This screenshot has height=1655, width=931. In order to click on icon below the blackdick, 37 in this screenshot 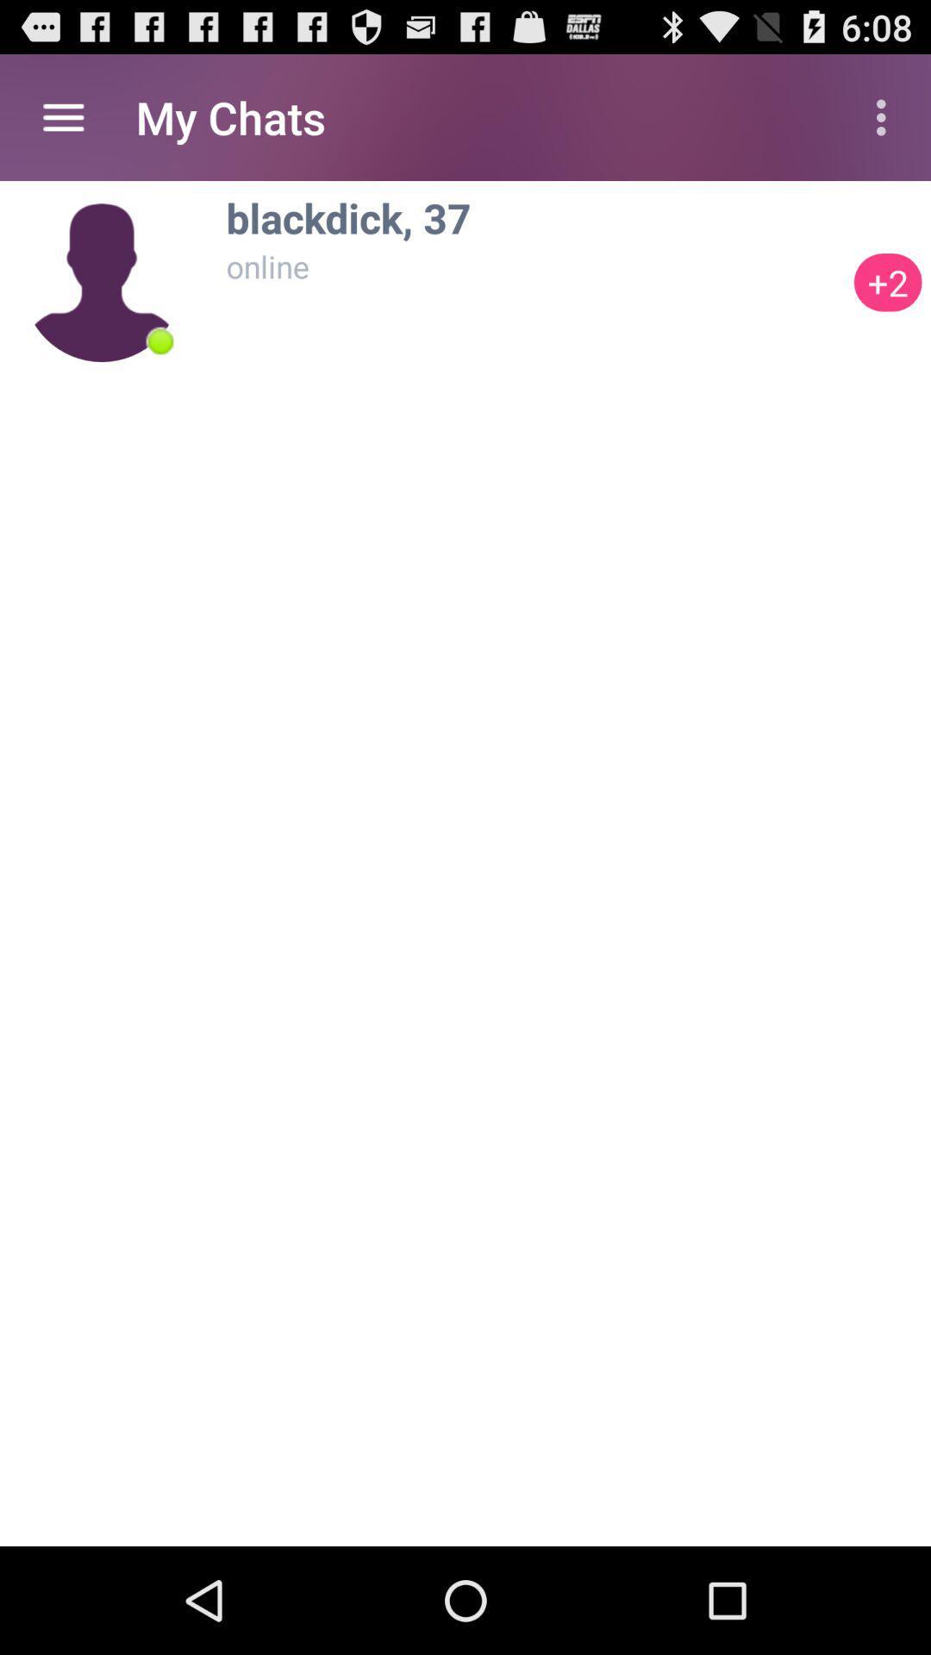, I will do `click(888, 282)`.